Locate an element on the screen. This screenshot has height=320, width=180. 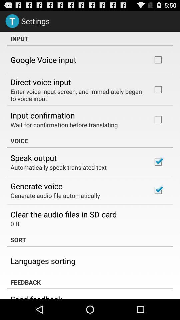
generate audio file is located at coordinates (55, 195).